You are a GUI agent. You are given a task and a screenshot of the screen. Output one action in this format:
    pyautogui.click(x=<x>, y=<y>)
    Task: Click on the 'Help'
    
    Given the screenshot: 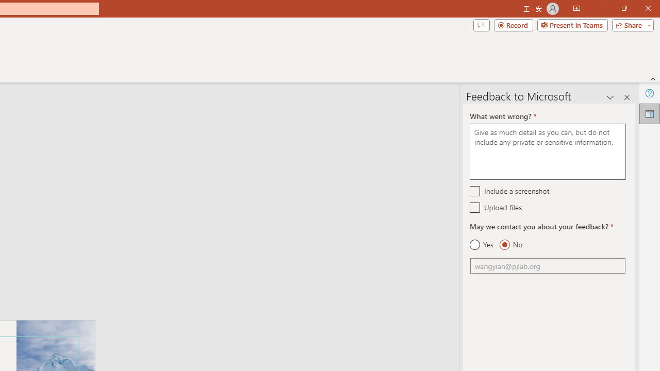 What is the action you would take?
    pyautogui.click(x=649, y=93)
    